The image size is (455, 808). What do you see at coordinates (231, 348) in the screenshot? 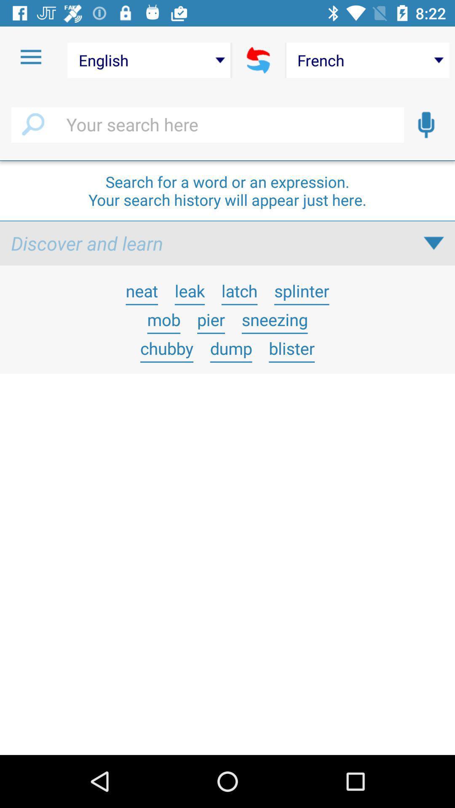
I see `item to the right of the chubby icon` at bounding box center [231, 348].